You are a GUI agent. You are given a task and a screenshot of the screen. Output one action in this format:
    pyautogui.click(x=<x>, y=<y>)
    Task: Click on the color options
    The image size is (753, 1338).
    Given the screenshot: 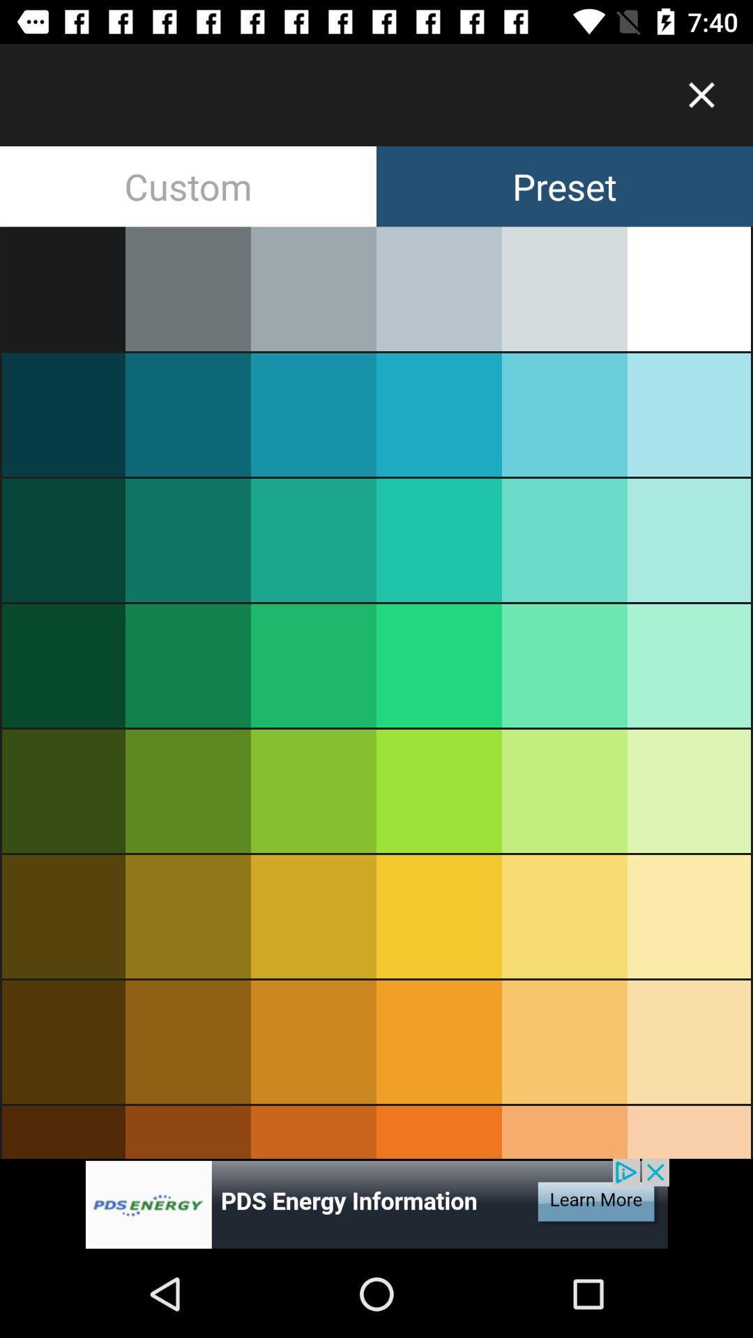 What is the action you would take?
    pyautogui.click(x=701, y=94)
    